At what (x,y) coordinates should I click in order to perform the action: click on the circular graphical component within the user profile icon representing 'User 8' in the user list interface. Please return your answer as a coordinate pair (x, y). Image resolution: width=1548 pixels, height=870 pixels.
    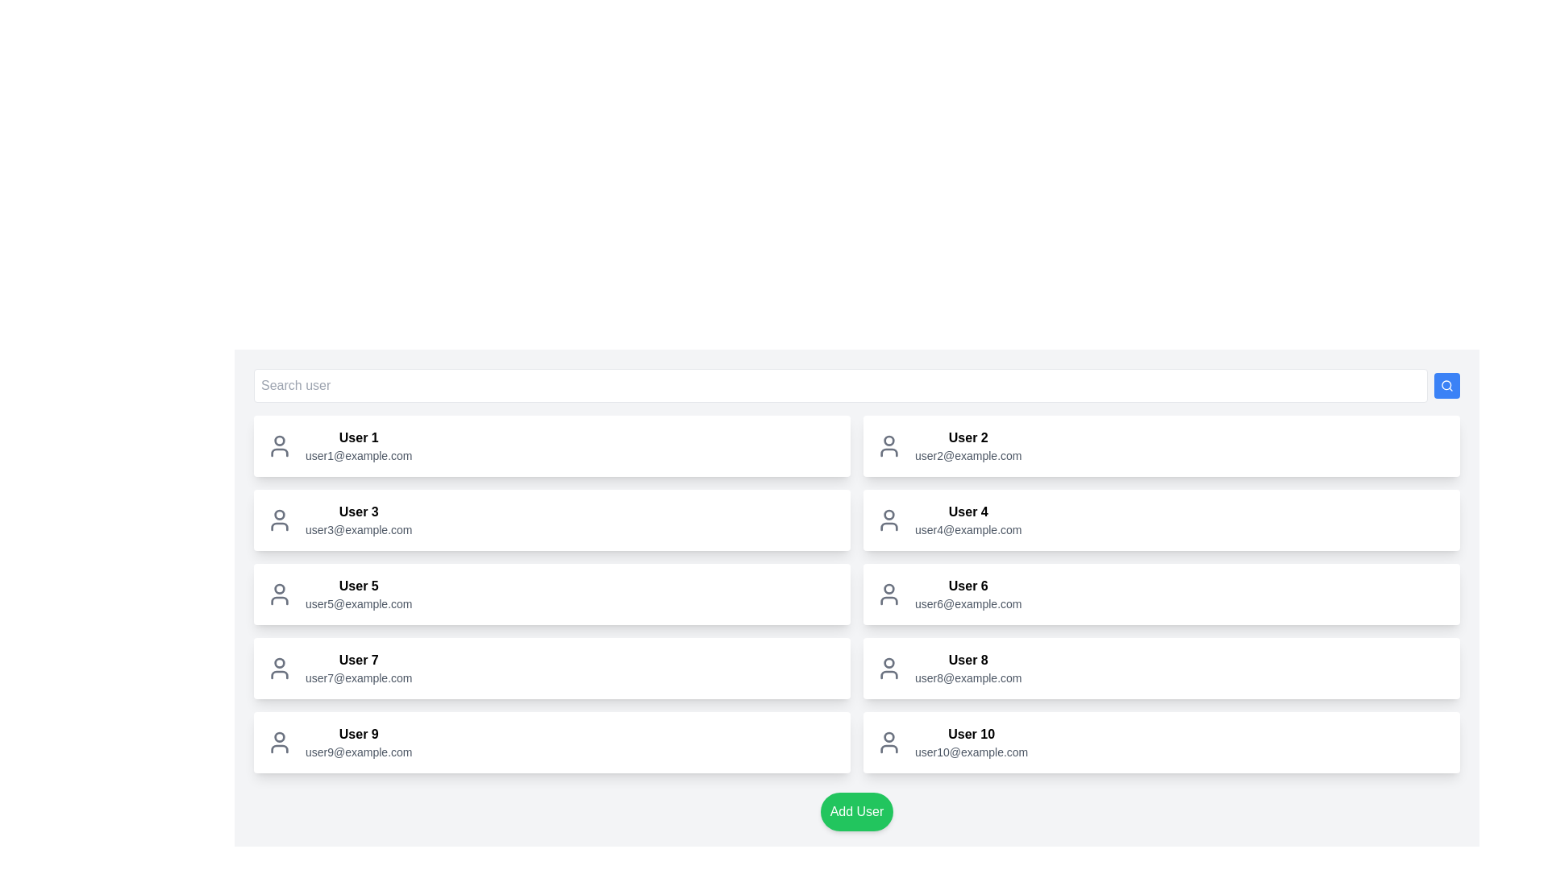
    Looking at the image, I should click on (888, 662).